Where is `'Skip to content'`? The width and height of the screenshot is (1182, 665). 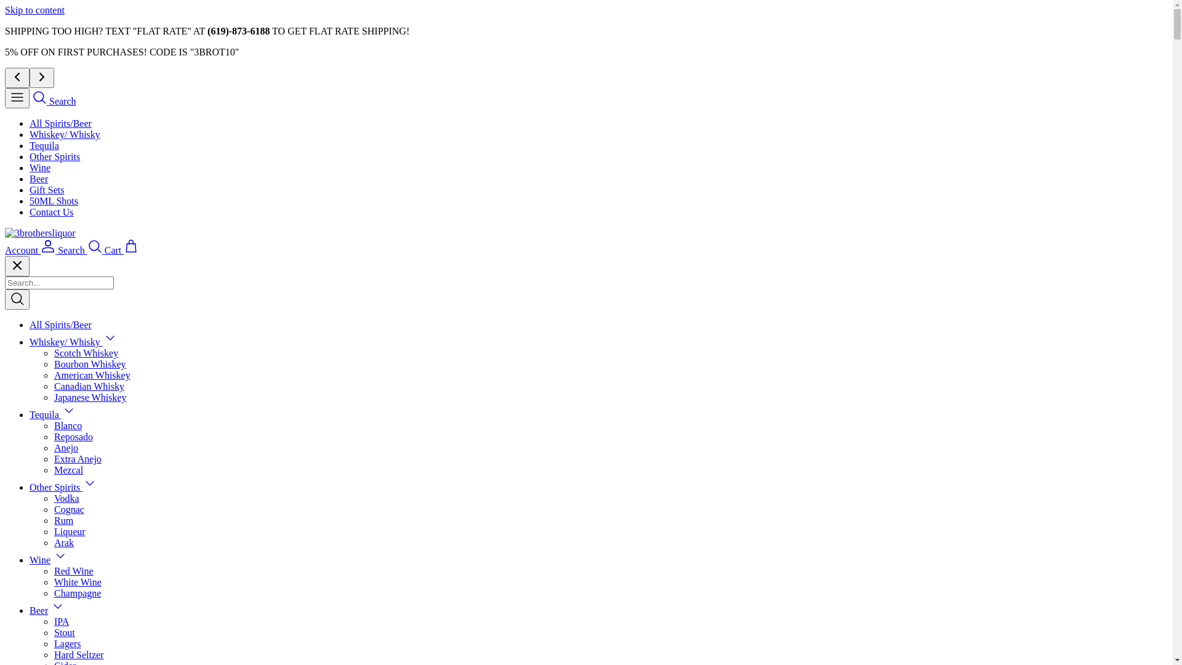
'Skip to content' is located at coordinates (34, 10).